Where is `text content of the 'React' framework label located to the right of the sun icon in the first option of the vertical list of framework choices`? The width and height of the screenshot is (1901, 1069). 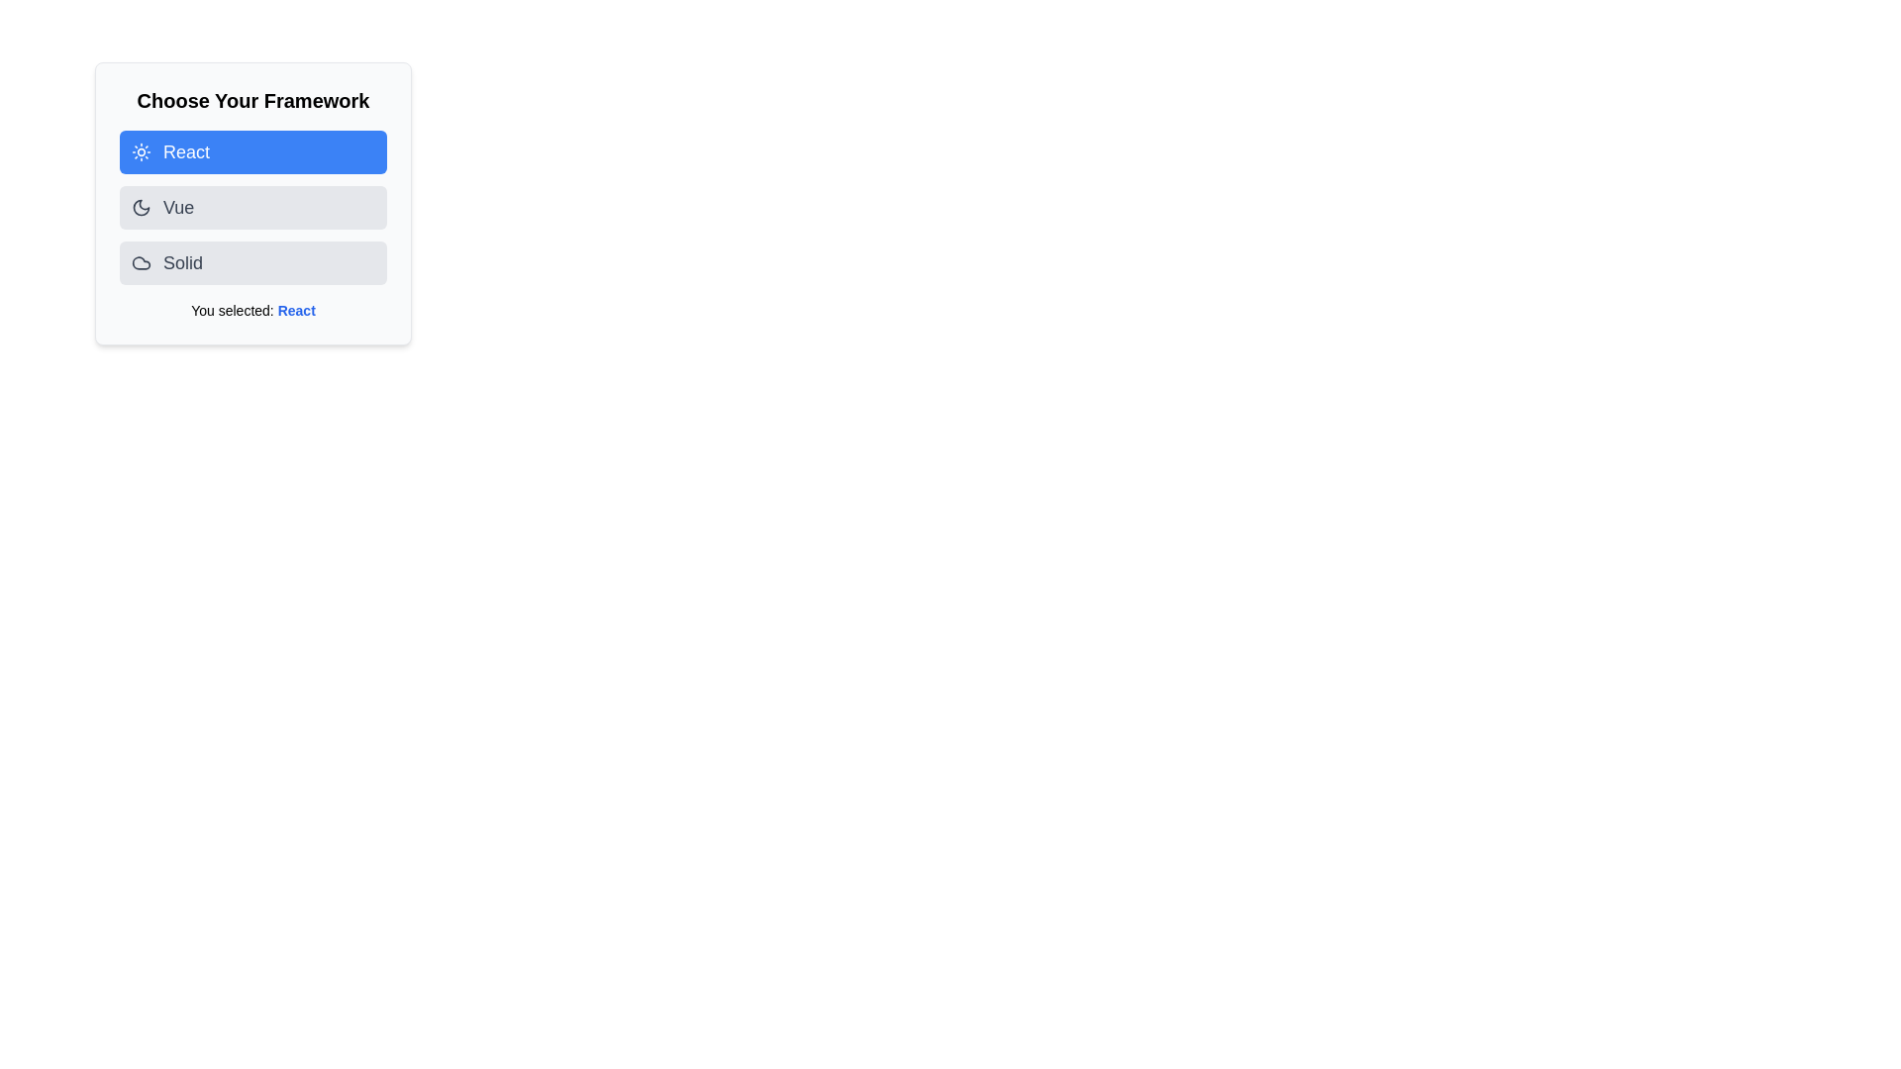 text content of the 'React' framework label located to the right of the sun icon in the first option of the vertical list of framework choices is located at coordinates (186, 151).